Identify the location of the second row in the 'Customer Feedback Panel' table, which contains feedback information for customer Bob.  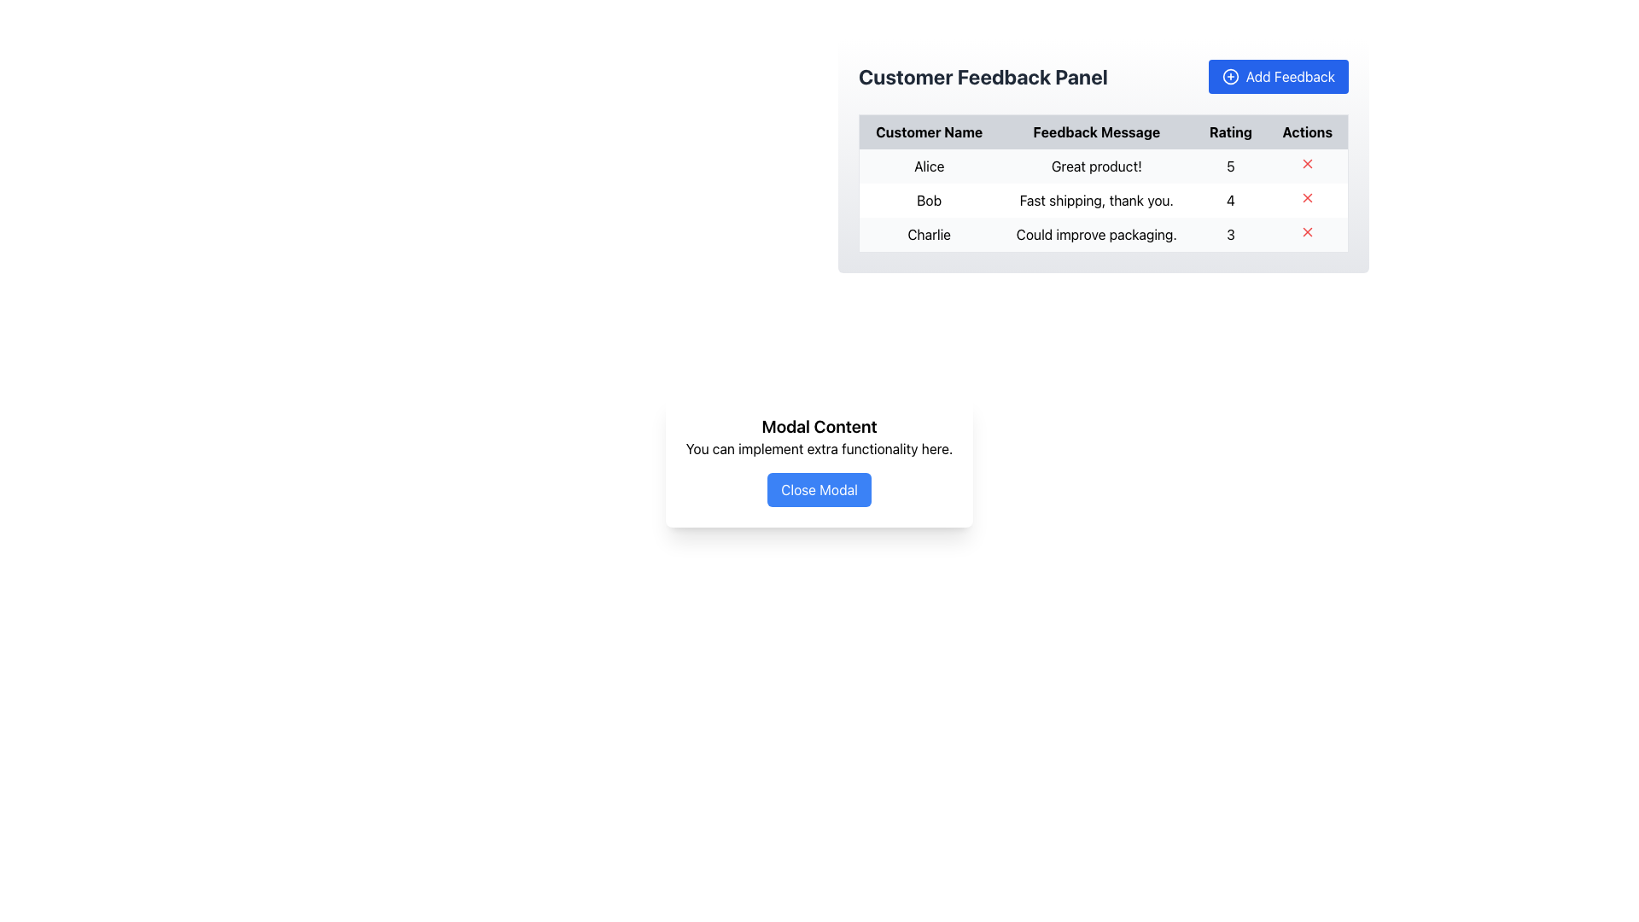
(1103, 200).